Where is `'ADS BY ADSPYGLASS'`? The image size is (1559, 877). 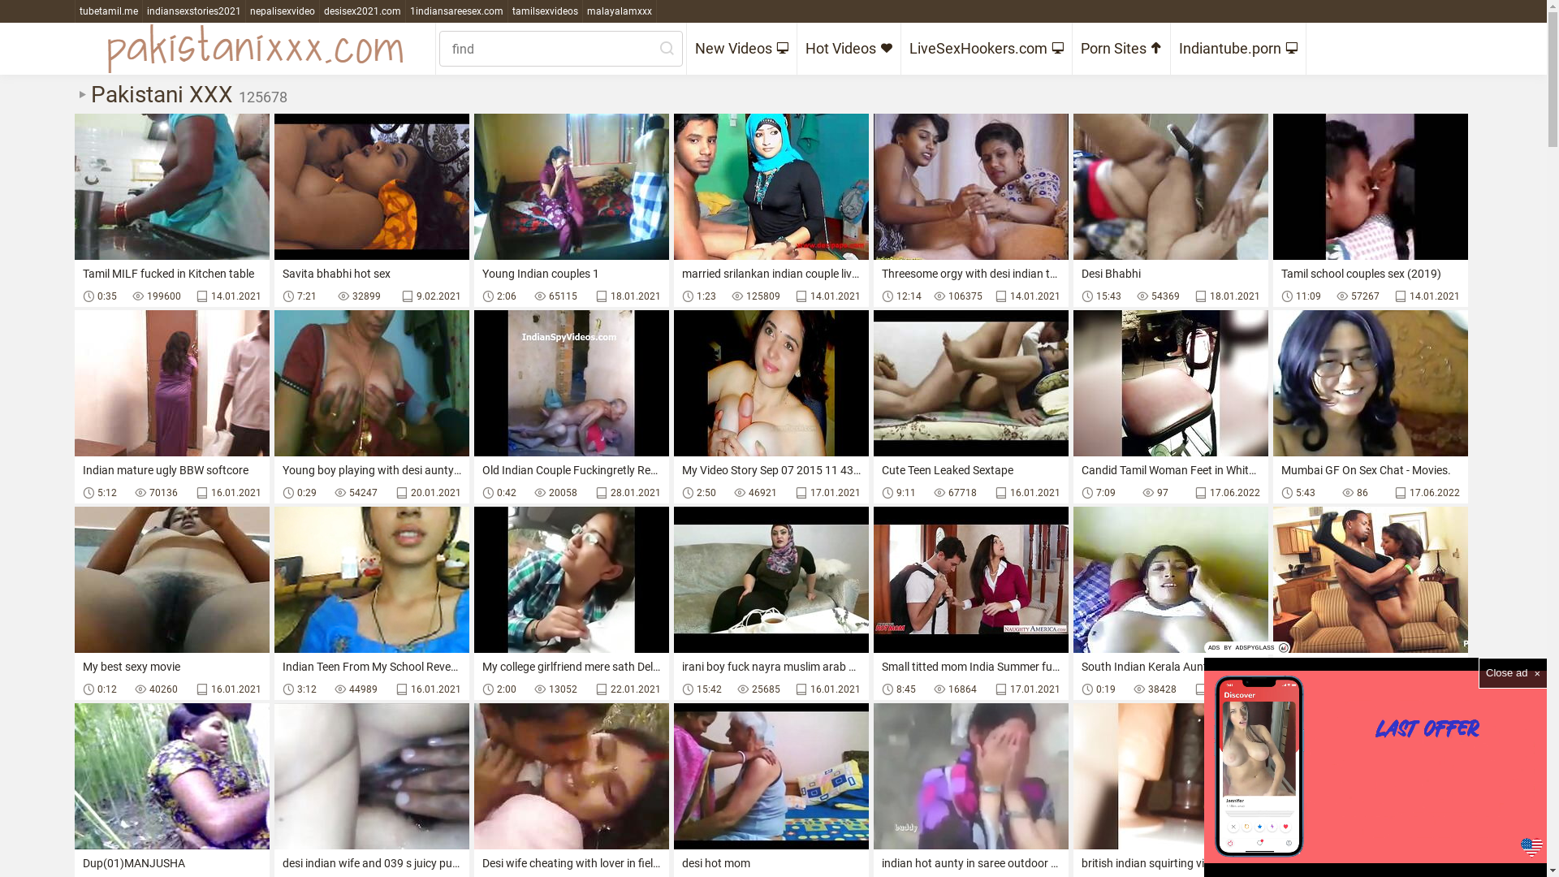
'ADS BY ADSPYGLASS' is located at coordinates (1246, 647).